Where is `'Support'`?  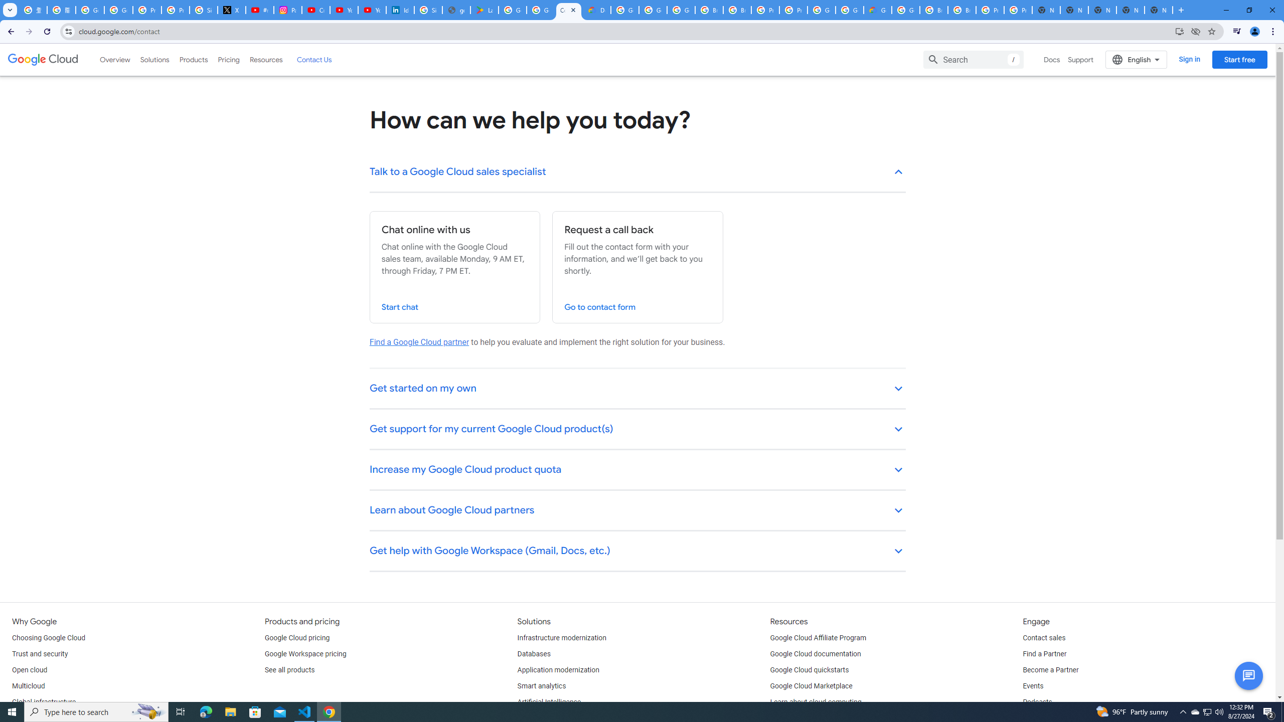
'Support' is located at coordinates (1081, 59).